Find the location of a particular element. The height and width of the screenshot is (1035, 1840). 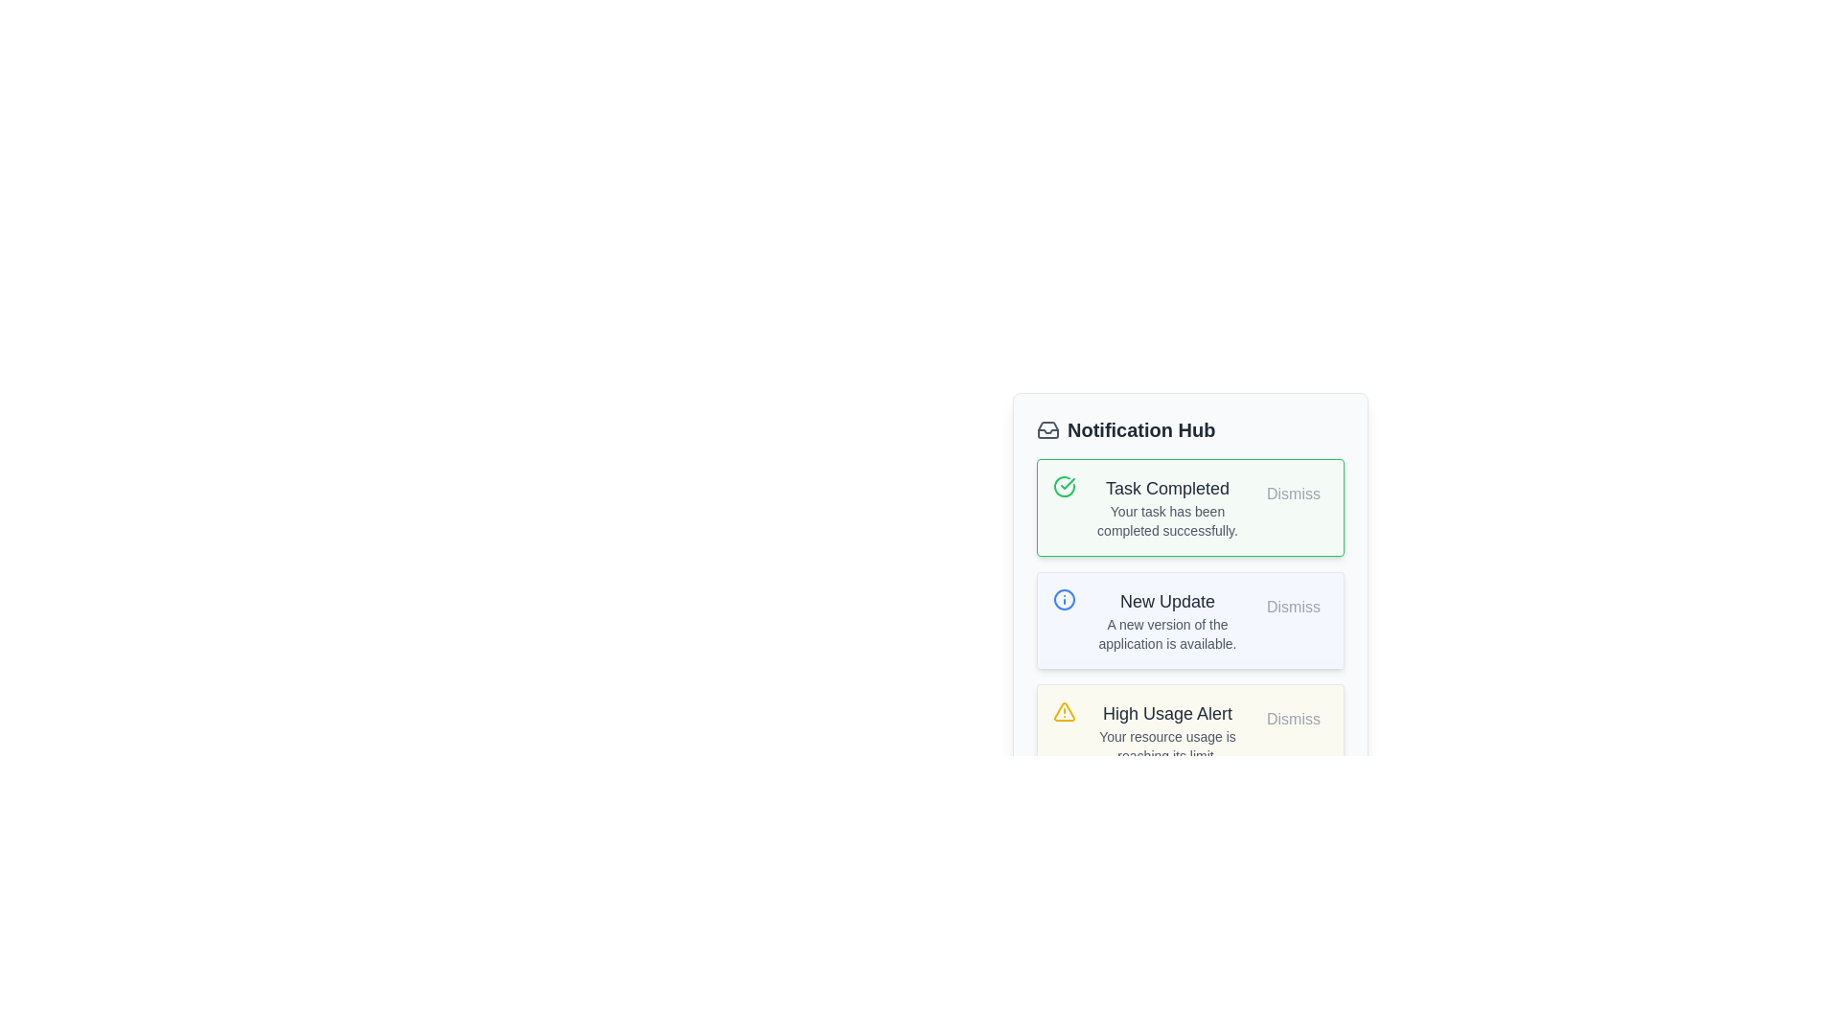

the 'Task Completed' notification card with a green border located in the notification center is located at coordinates (1189, 562).